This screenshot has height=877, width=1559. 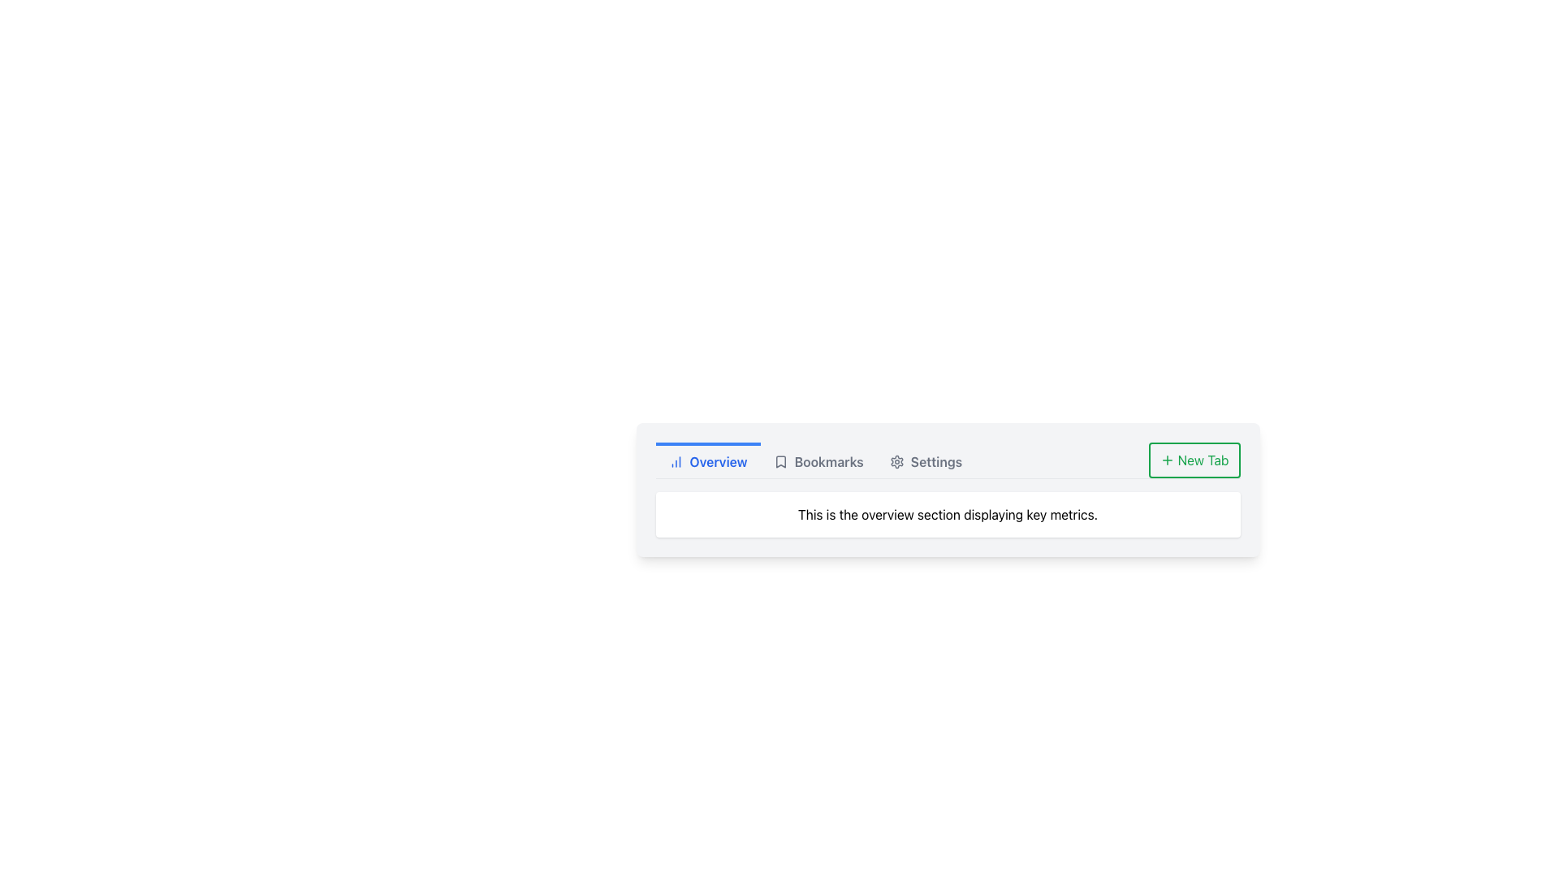 What do you see at coordinates (948, 460) in the screenshot?
I see `the 'Settings' navigation tab` at bounding box center [948, 460].